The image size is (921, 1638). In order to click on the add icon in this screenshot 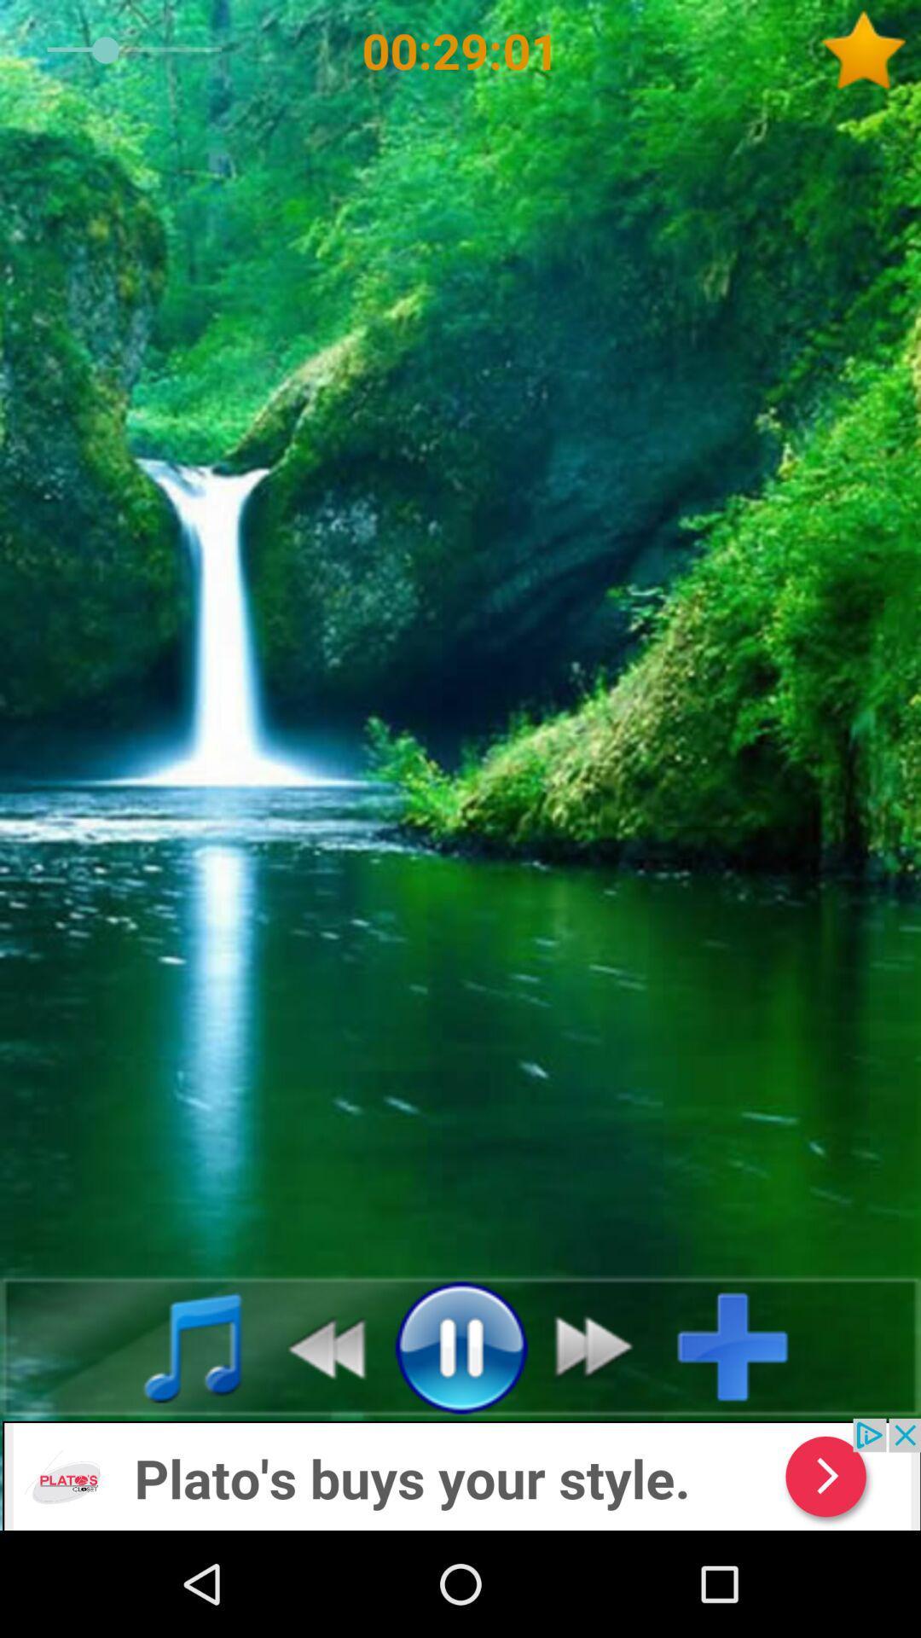, I will do `click(745, 1345)`.